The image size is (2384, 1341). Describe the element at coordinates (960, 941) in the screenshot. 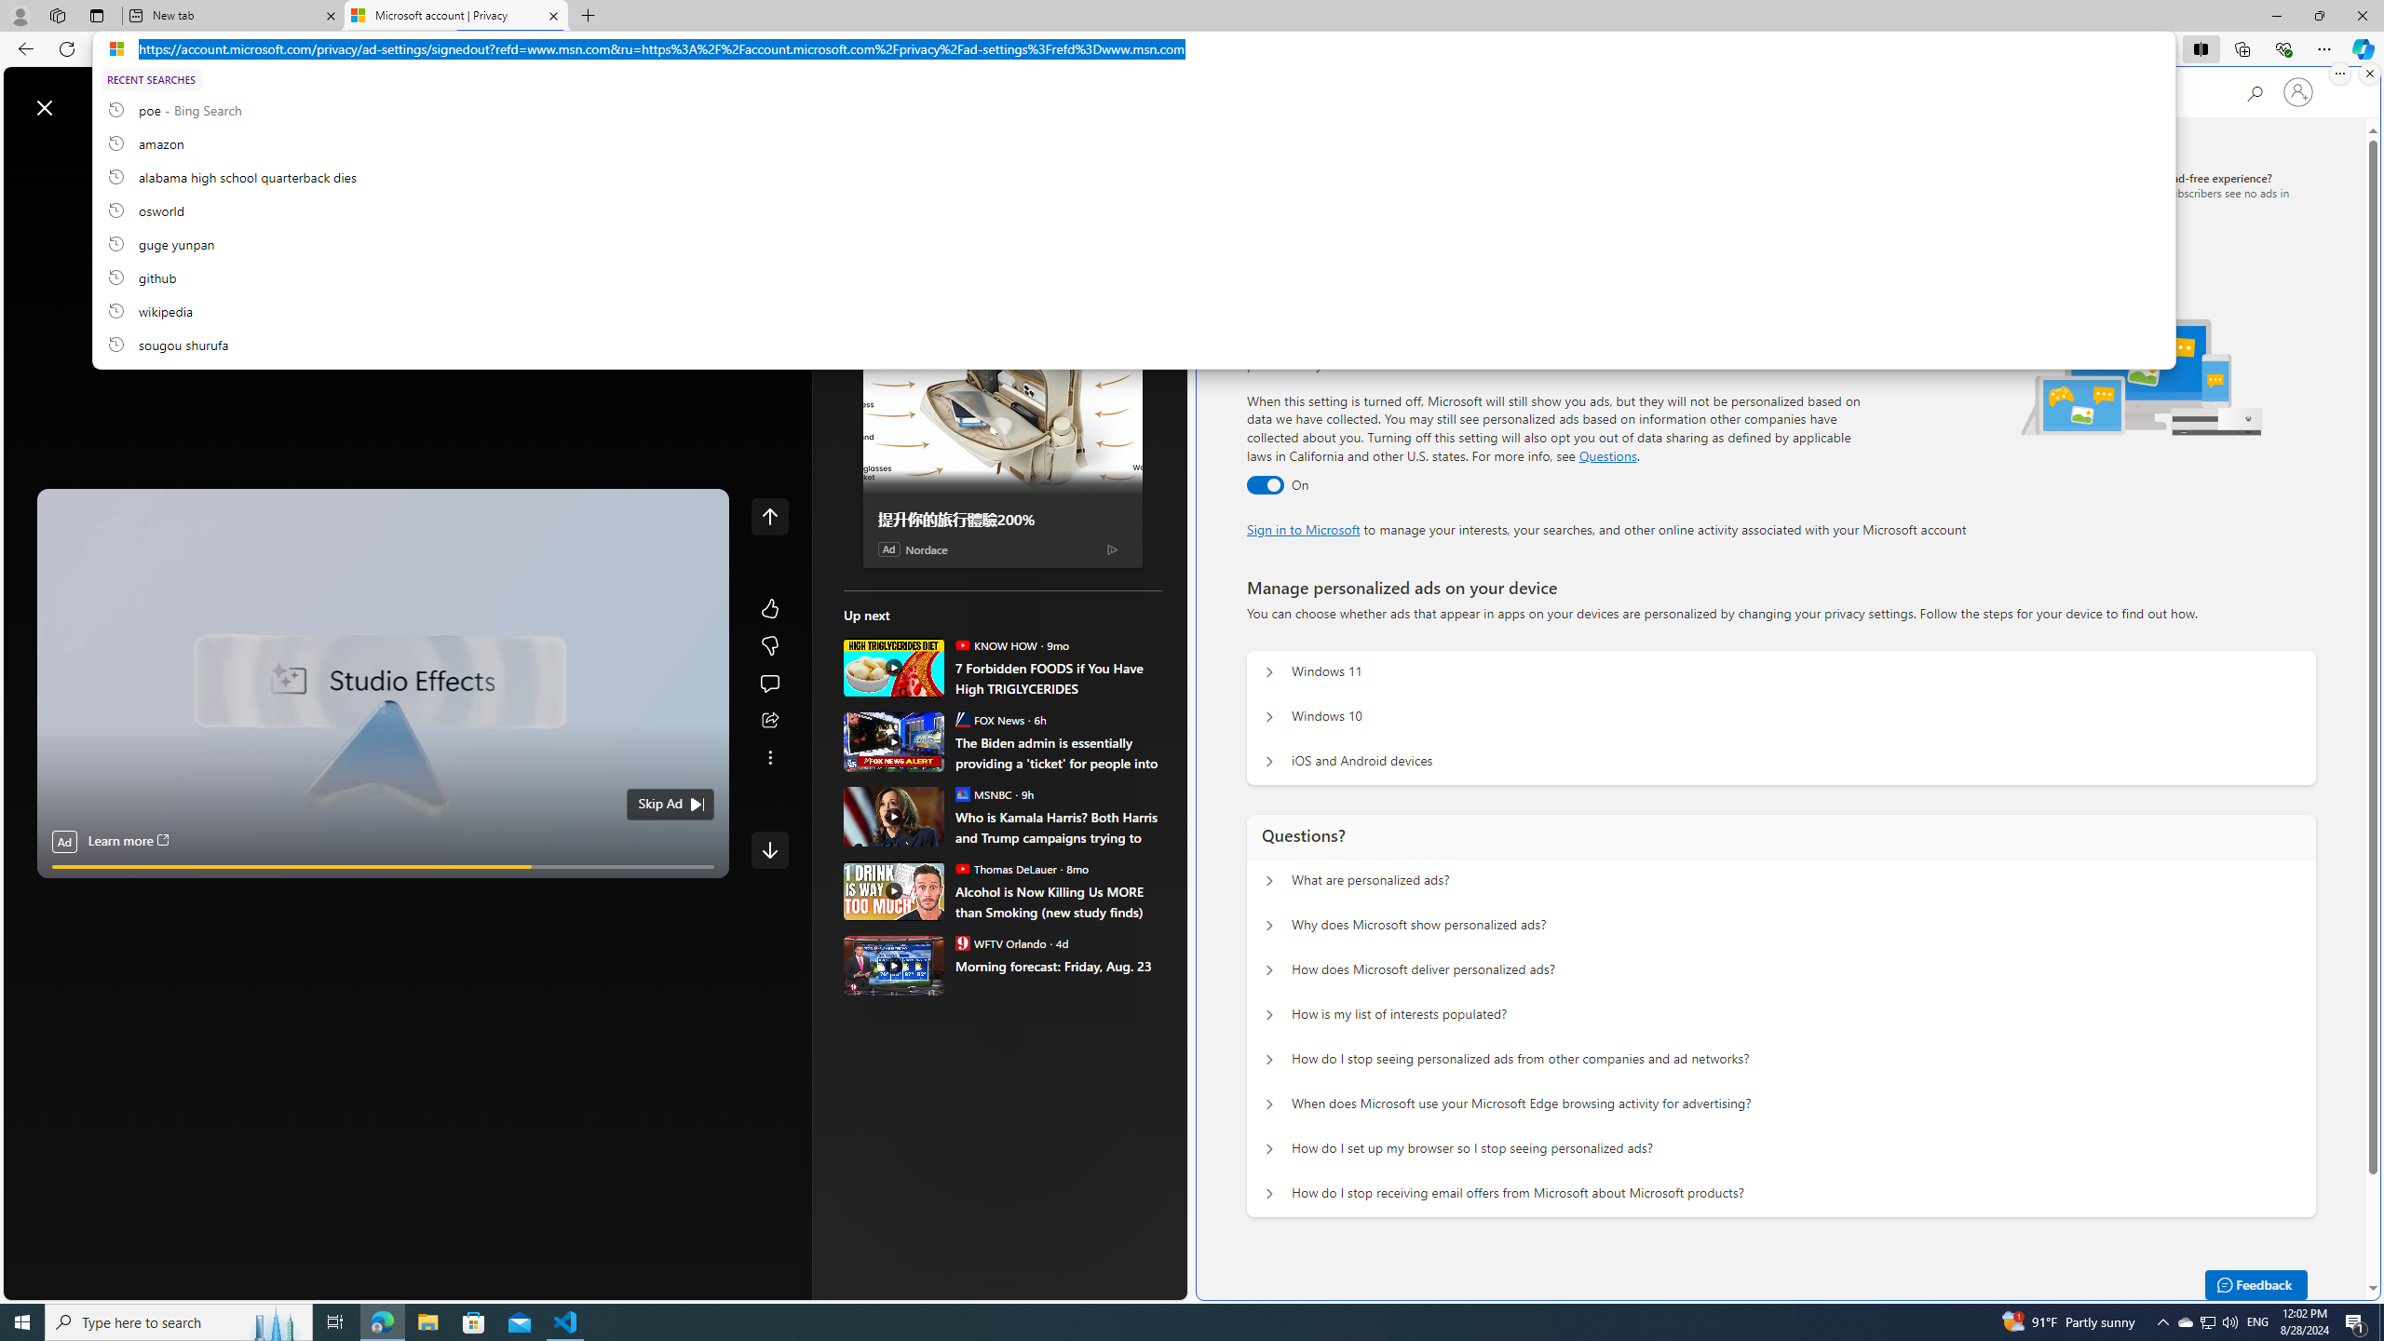

I see `'WFTV Orlando'` at that location.